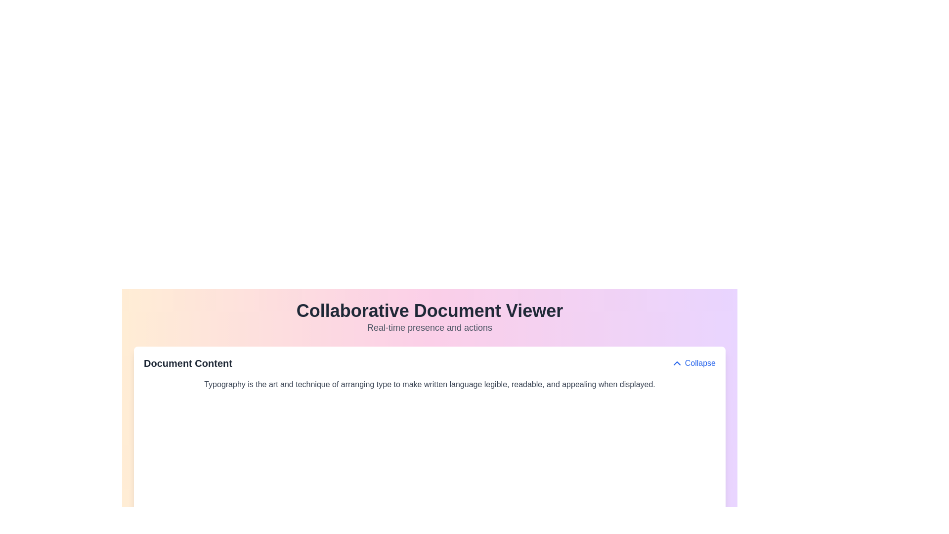 The width and height of the screenshot is (949, 534). What do you see at coordinates (430, 318) in the screenshot?
I see `the text element titled 'Collaborative Document Viewer' which is centrally aligned and features a gradient background` at bounding box center [430, 318].